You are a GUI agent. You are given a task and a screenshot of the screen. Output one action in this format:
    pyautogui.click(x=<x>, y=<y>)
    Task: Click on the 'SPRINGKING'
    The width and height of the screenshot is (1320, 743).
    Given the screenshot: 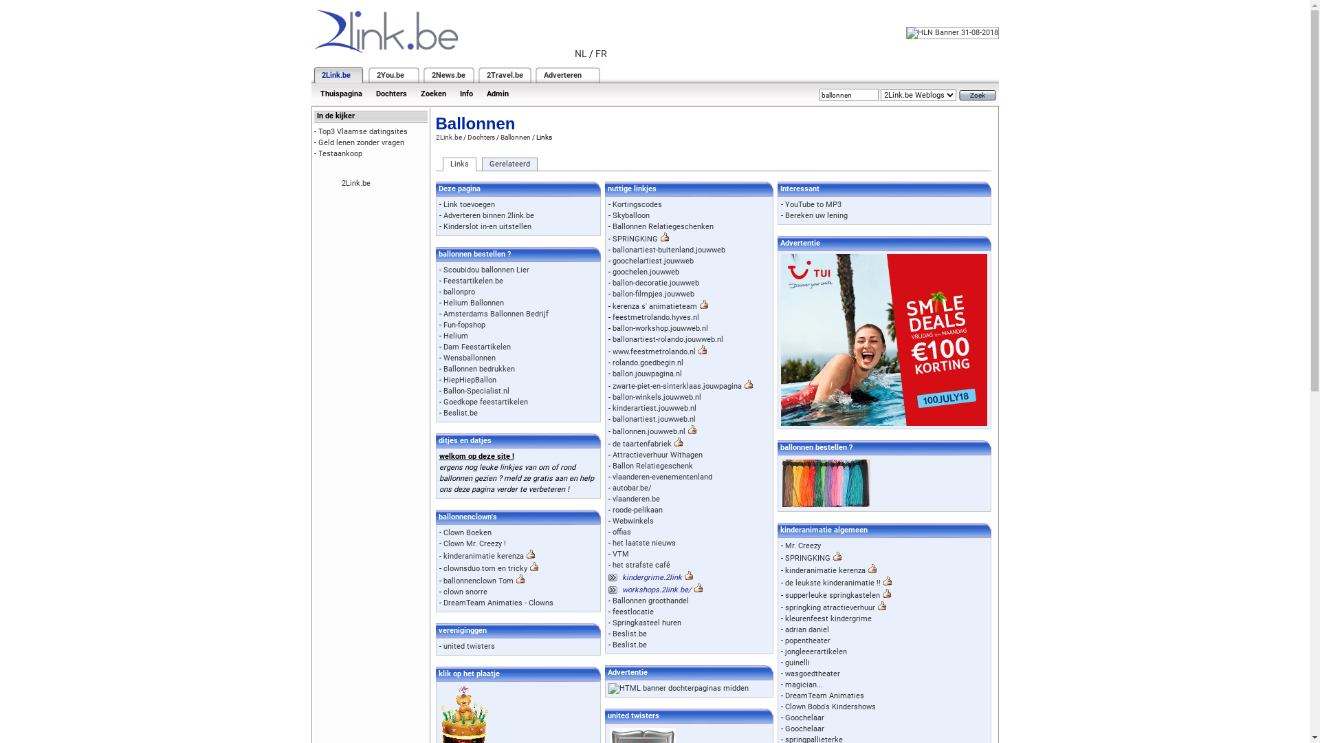 What is the action you would take?
    pyautogui.click(x=808, y=558)
    